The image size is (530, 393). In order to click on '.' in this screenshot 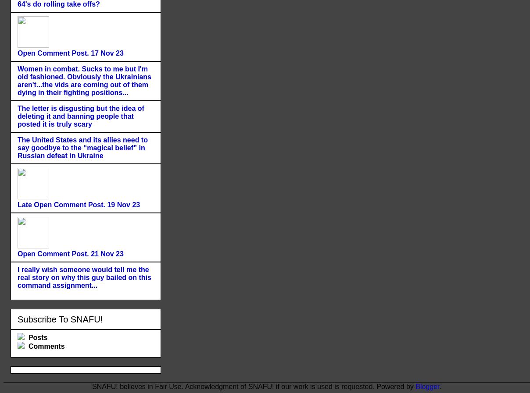, I will do `click(440, 386)`.